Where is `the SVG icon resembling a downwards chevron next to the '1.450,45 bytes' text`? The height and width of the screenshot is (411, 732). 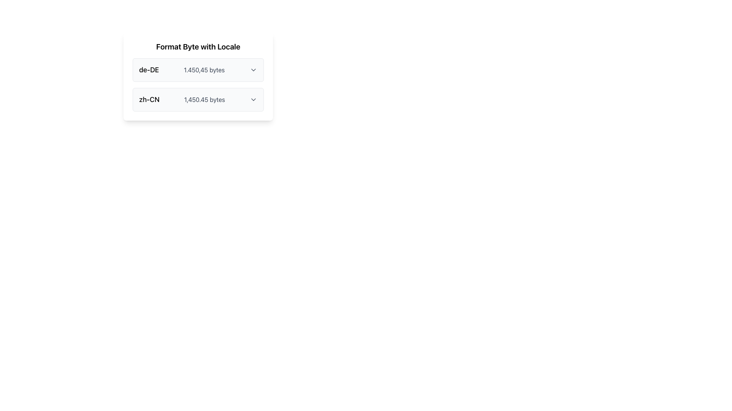 the SVG icon resembling a downwards chevron next to the '1.450,45 bytes' text is located at coordinates (254, 70).